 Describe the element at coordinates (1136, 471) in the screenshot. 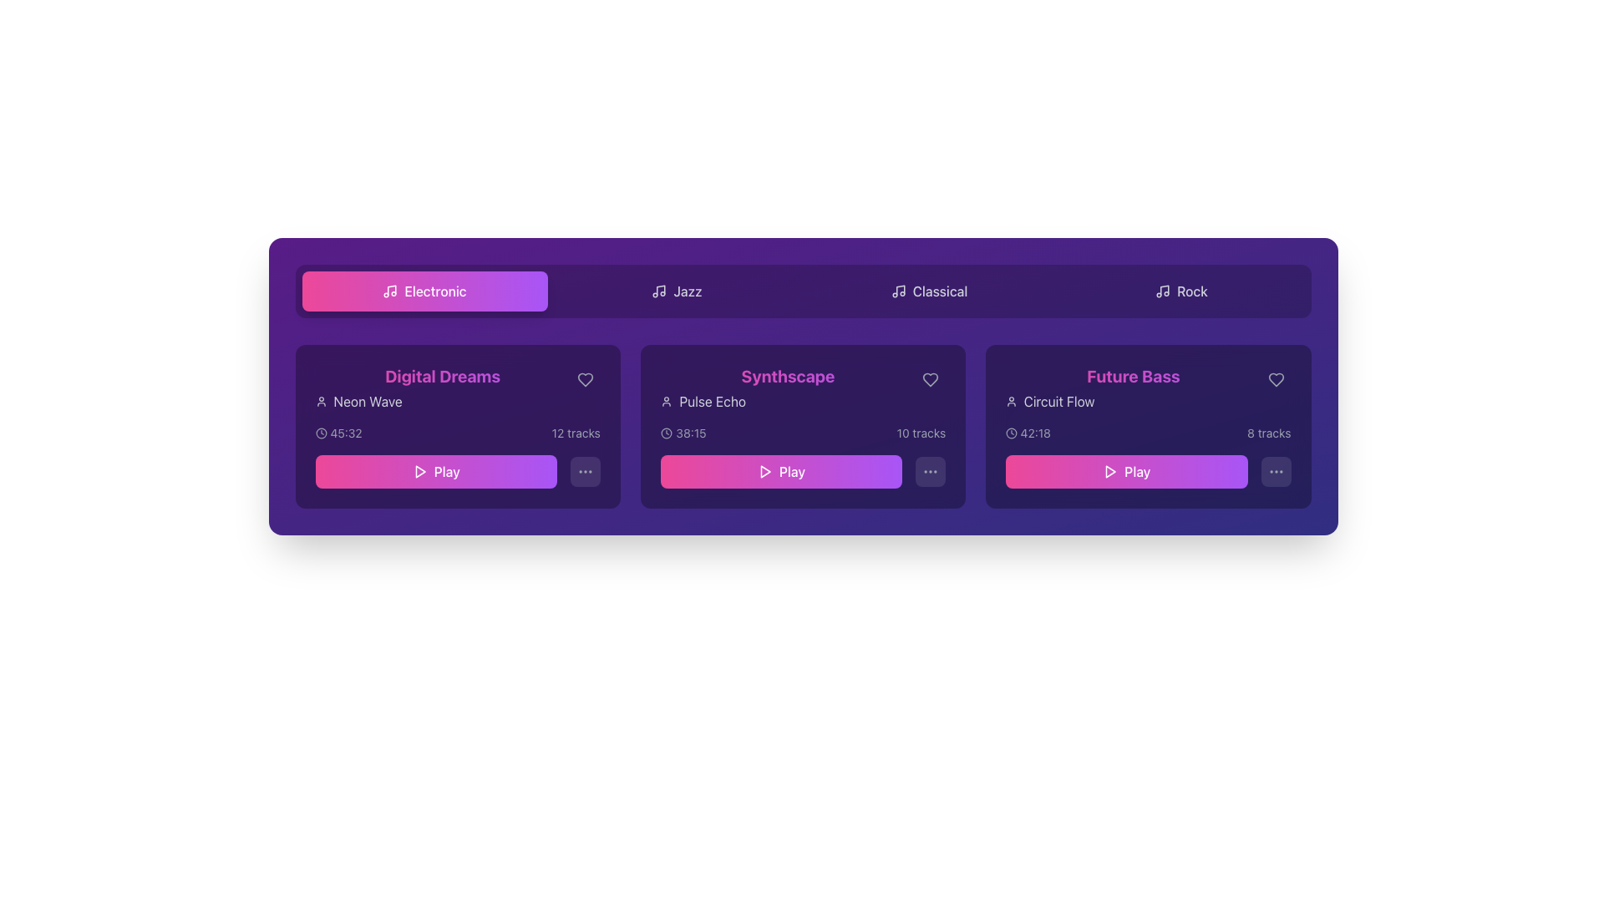

I see `the 'Play' text label within the button on the third card labeled 'Future Bass', which has a vibrant pink-to-purple gradient background and is styled with rounded corners` at that location.